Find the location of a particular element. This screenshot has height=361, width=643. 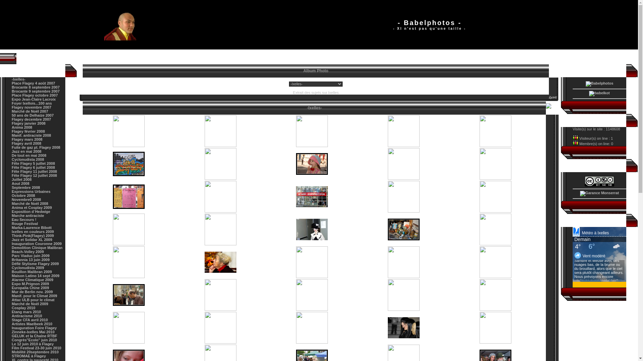

'Foyer Ixellois...100 ans' is located at coordinates (31, 103).